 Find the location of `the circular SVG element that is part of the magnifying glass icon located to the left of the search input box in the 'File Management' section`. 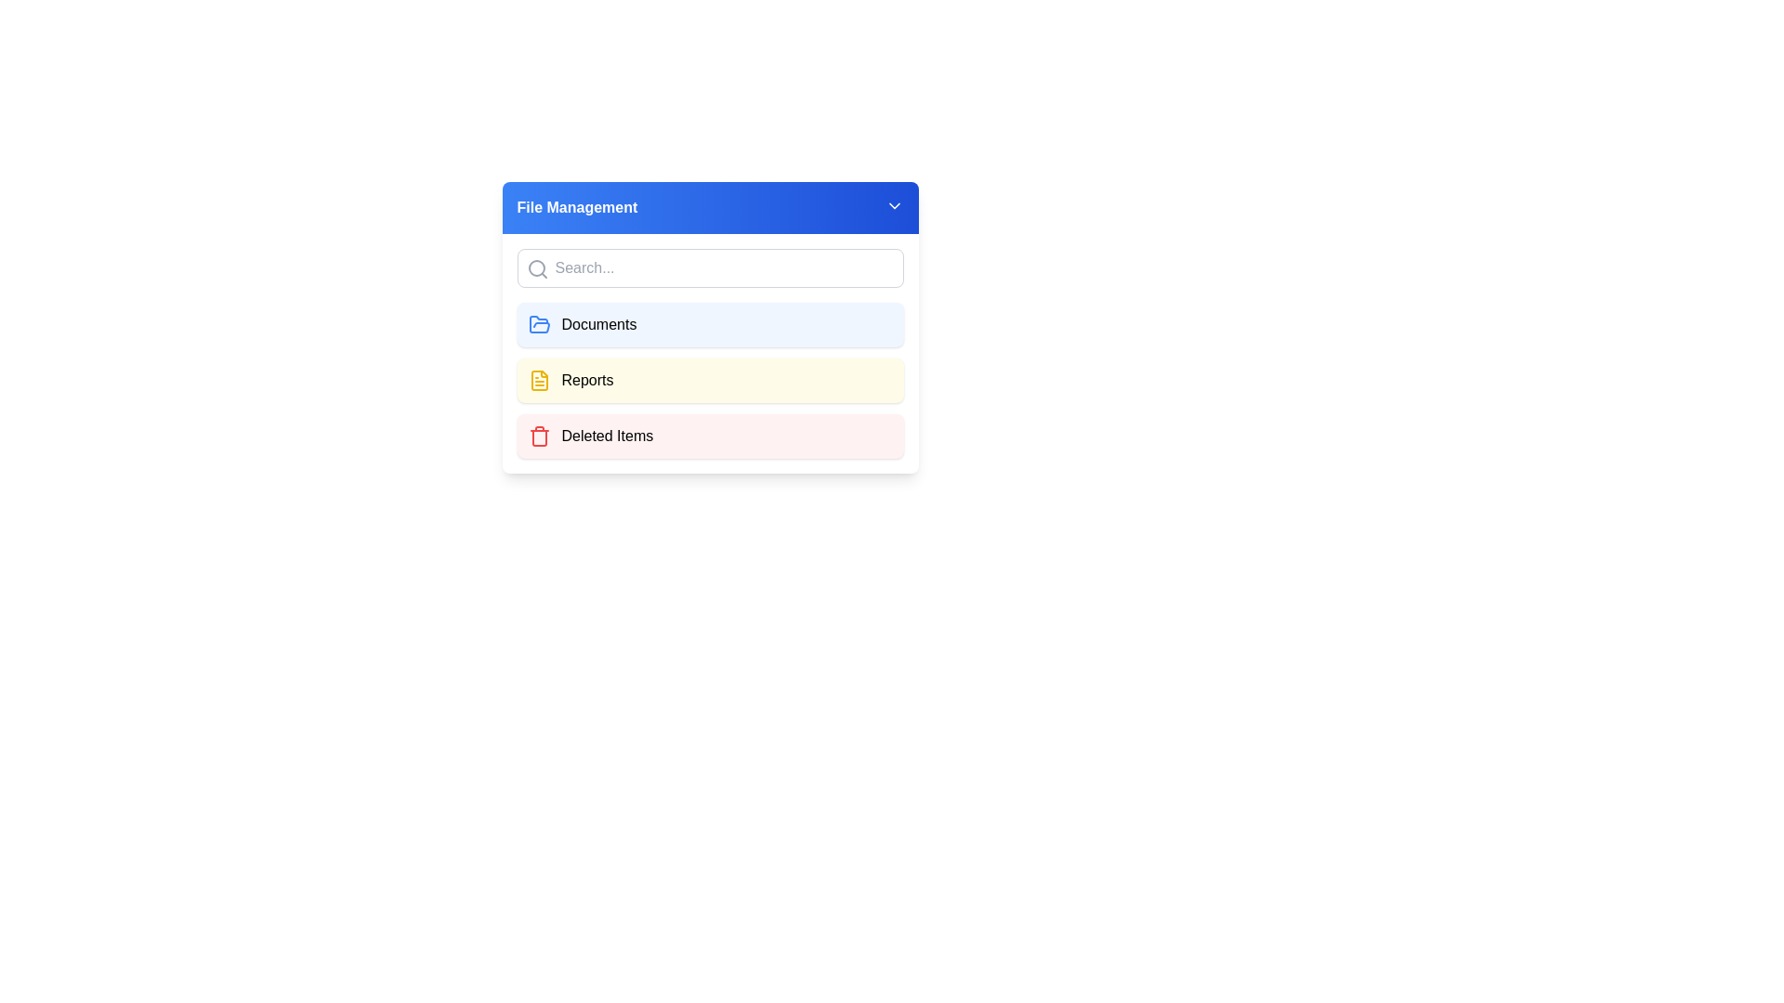

the circular SVG element that is part of the magnifying glass icon located to the left of the search input box in the 'File Management' section is located at coordinates (535, 268).